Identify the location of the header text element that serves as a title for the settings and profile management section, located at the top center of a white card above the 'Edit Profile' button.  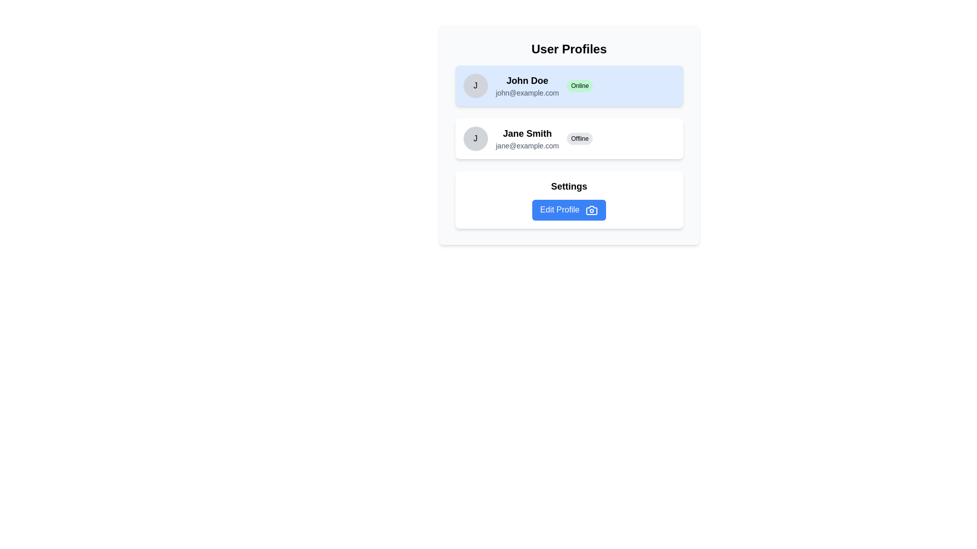
(568, 186).